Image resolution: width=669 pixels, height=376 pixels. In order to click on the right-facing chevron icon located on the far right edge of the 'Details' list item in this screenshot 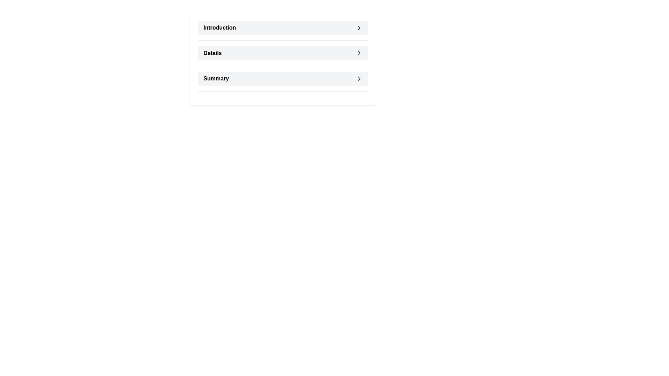, I will do `click(359, 53)`.